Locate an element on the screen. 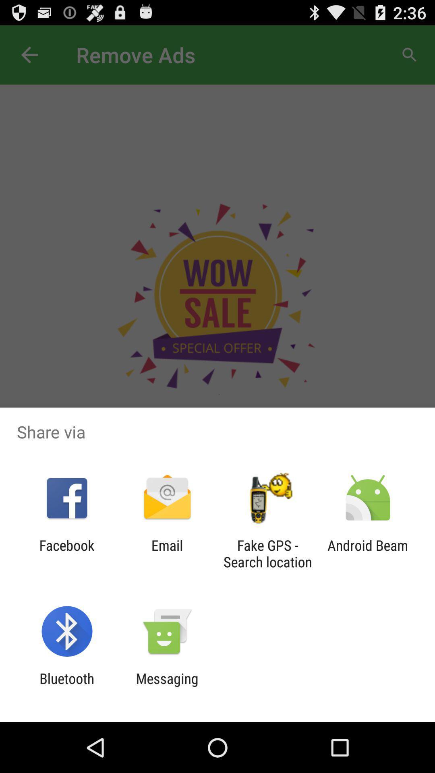  the icon next to the email is located at coordinates (267, 553).